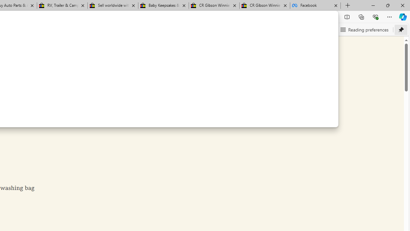  What do you see at coordinates (163, 5) in the screenshot?
I see `'Baby Keepsakes & Announcements for sale | eBay'` at bounding box center [163, 5].